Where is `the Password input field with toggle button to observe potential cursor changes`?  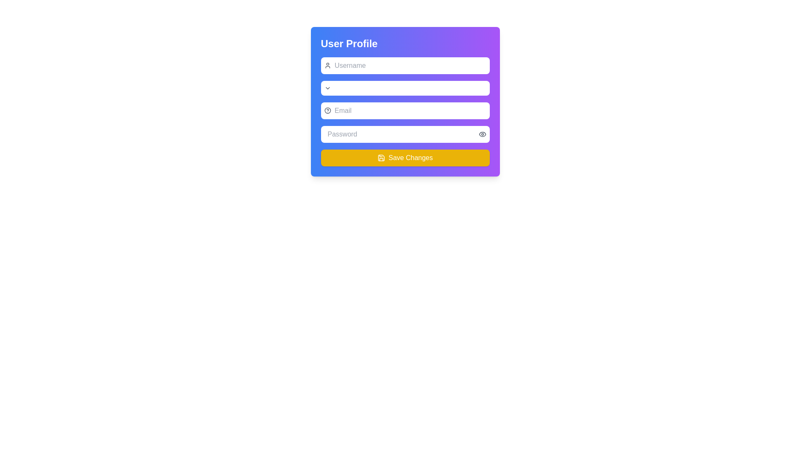 the Password input field with toggle button to observe potential cursor changes is located at coordinates (405, 134).